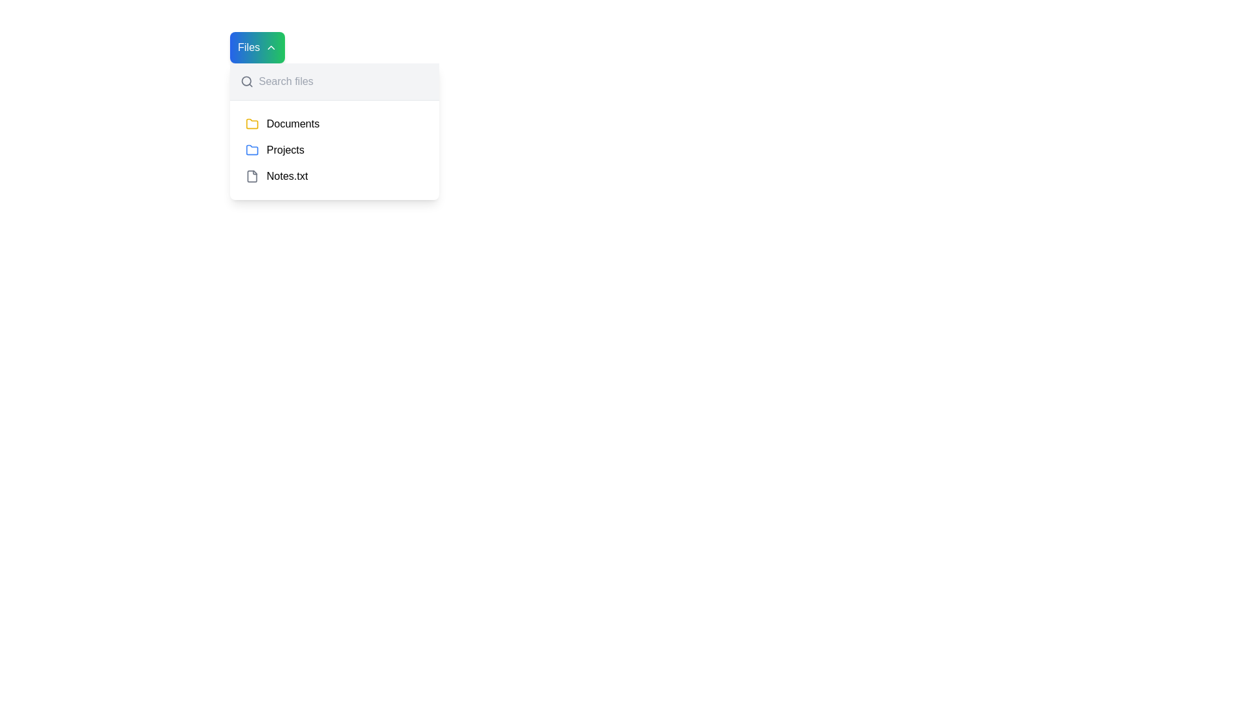 The width and height of the screenshot is (1255, 706). I want to click on the document icon element that represents a file, located in the dropdown menu next to the 'Notes.txt' label, so click(252, 176).